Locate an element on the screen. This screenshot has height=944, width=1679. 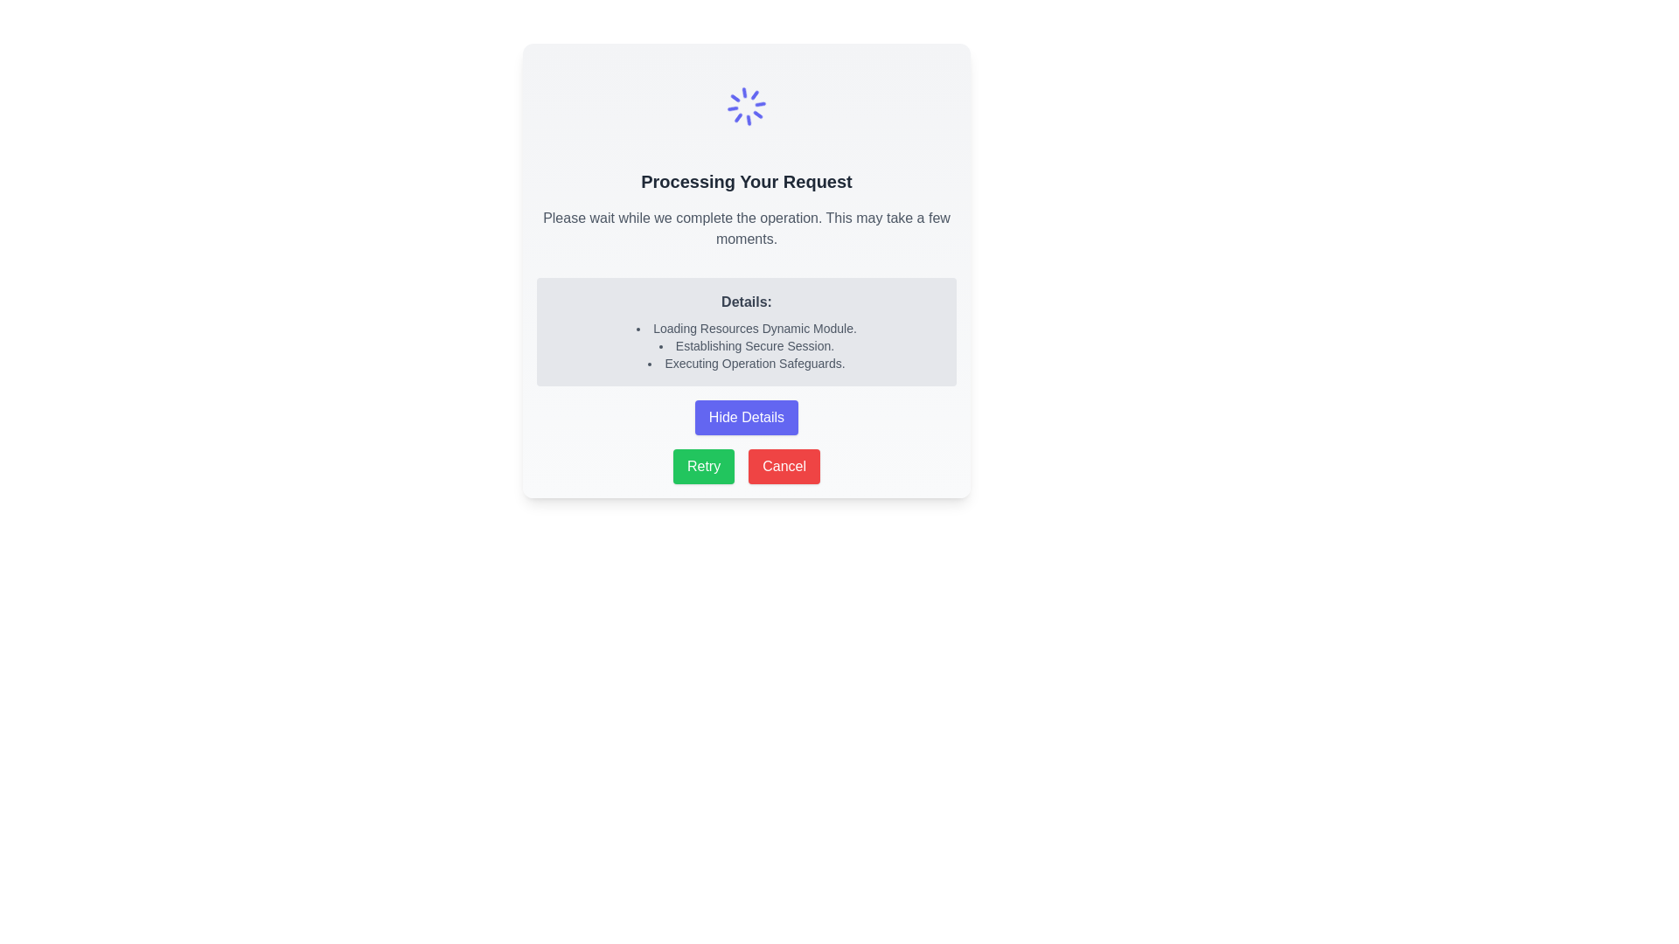
the 'Hide Details' button with a purple background and white text, located below the 'Details:' section and above the 'Retry' and 'Cancel' buttons is located at coordinates (747, 418).